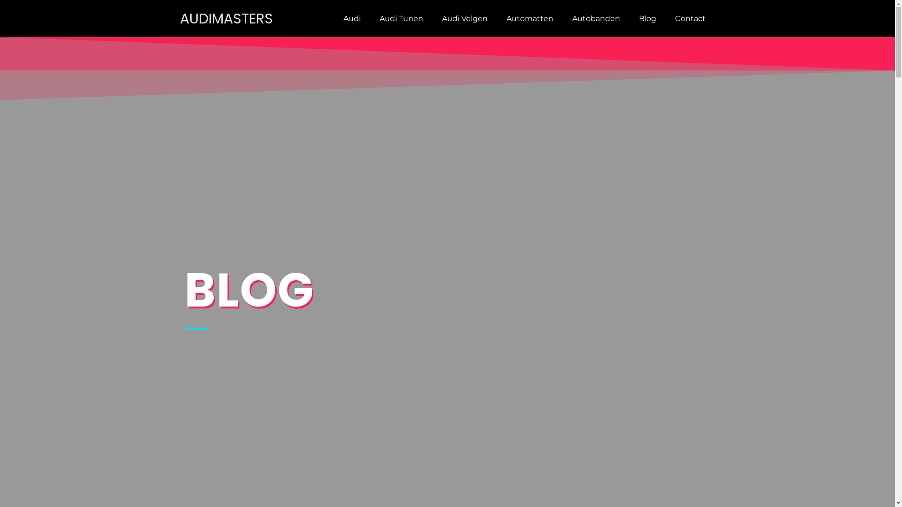 The height and width of the screenshot is (507, 902). What do you see at coordinates (225, 18) in the screenshot?
I see `'AUDIMASTERS'` at bounding box center [225, 18].